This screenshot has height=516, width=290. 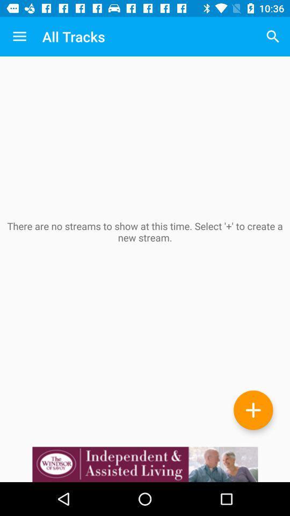 I want to click on the add icon, so click(x=253, y=410).